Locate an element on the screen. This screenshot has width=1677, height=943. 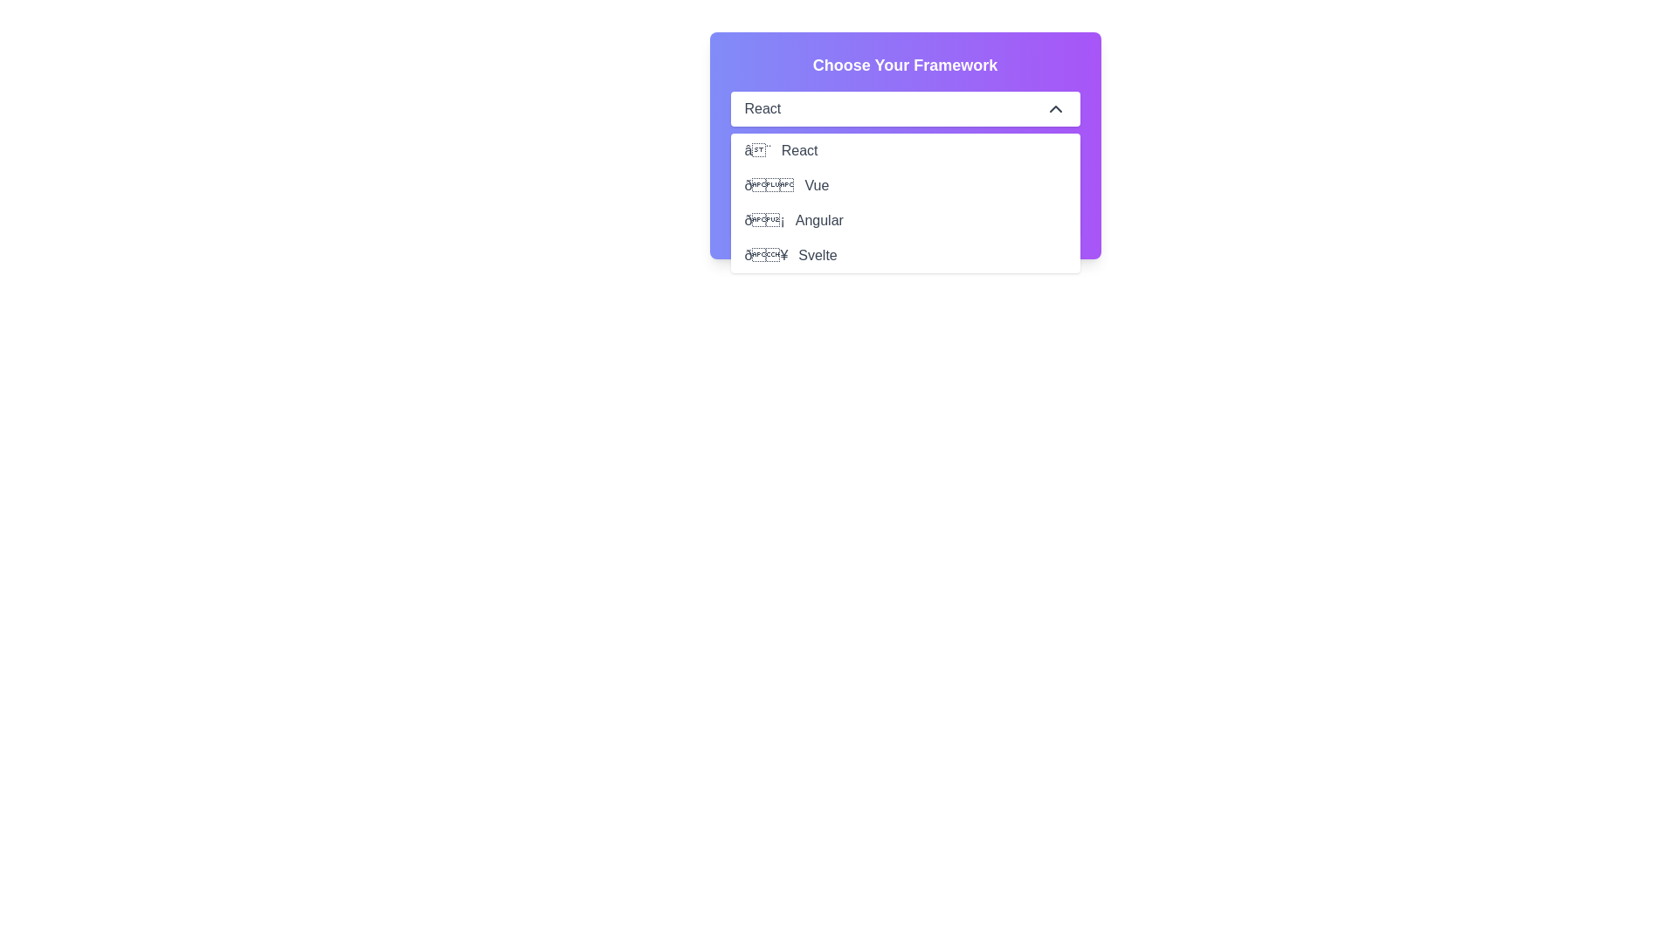
the Svelte framework icon located in the last row of the dropdown list under 'Choose Your Framework', aligned horizontally with the text 'Svelte' is located at coordinates (766, 256).